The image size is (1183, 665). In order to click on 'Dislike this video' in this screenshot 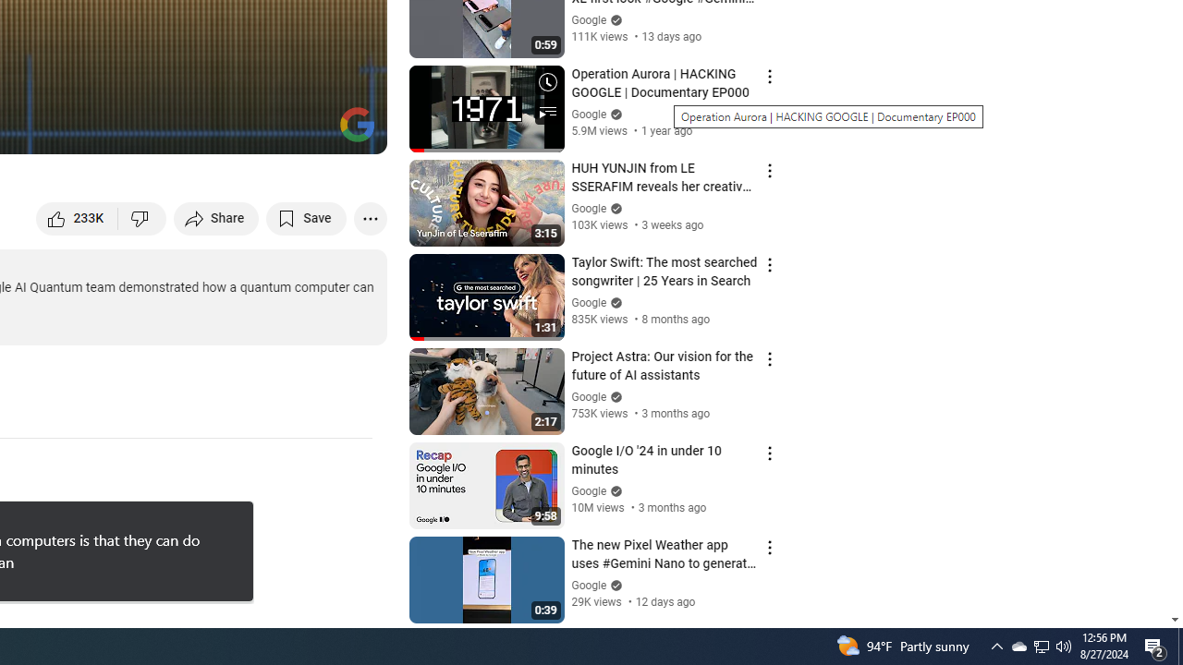, I will do `click(141, 217)`.